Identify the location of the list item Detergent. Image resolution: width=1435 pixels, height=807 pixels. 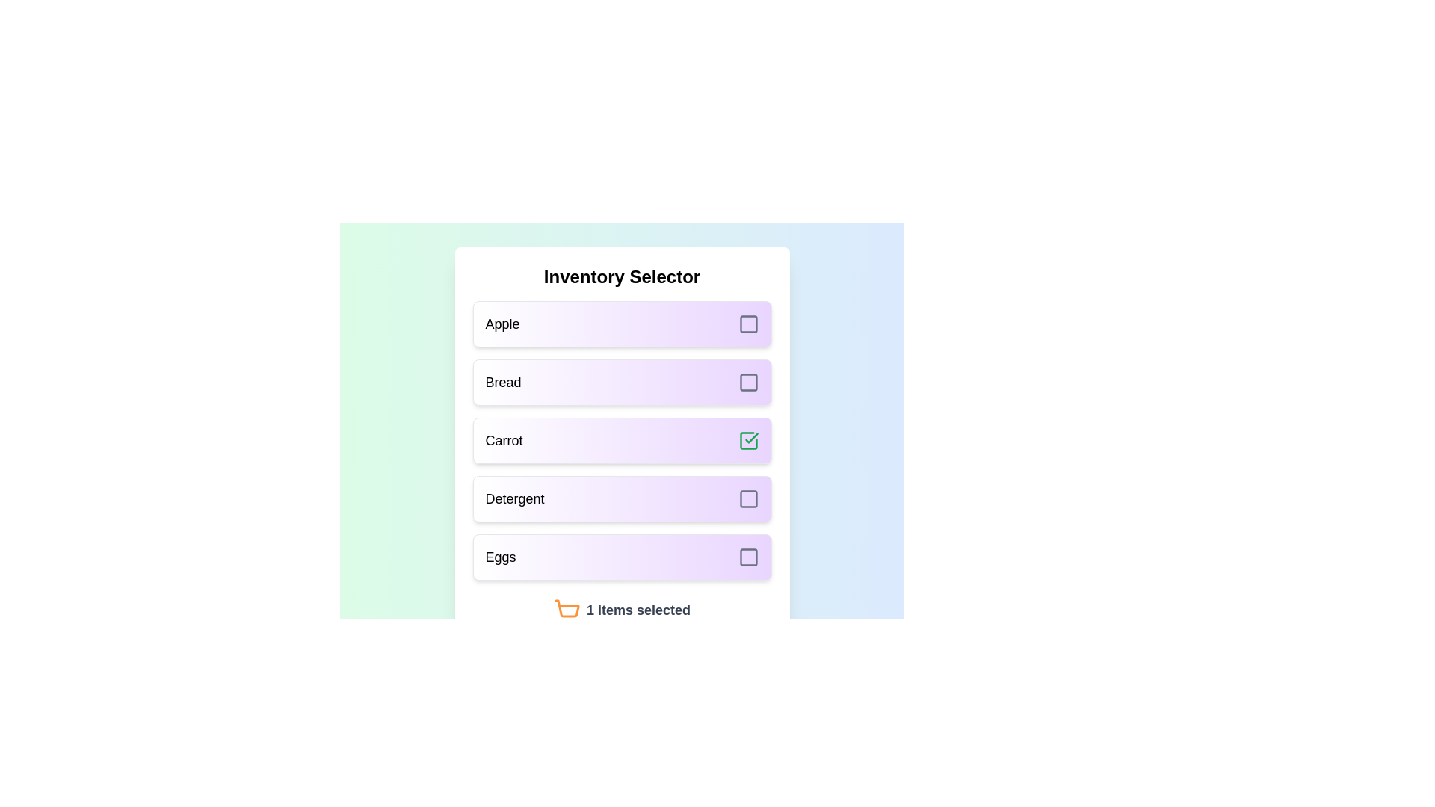
(622, 498).